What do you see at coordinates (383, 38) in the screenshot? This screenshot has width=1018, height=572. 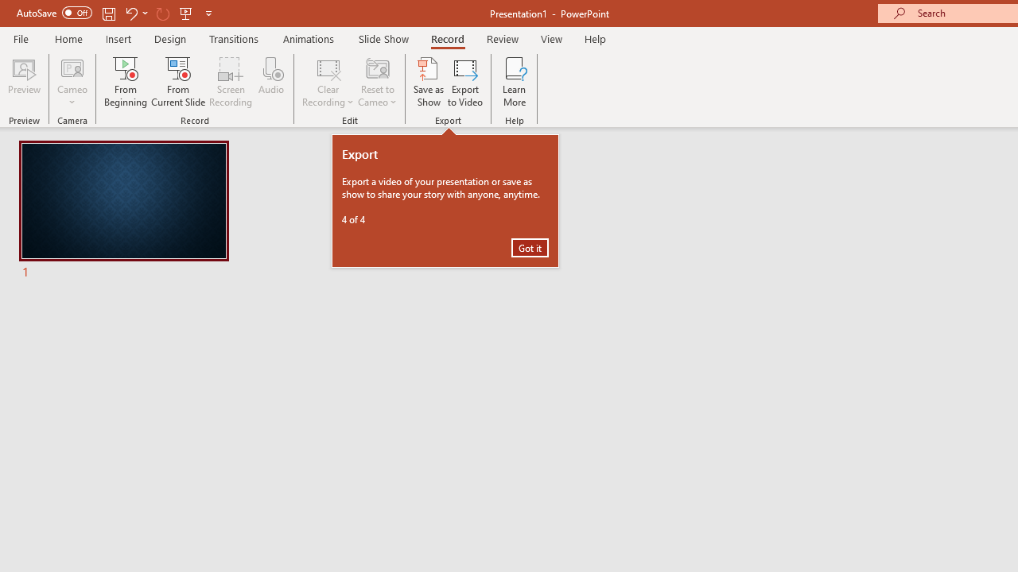 I see `'Slide Show'` at bounding box center [383, 38].